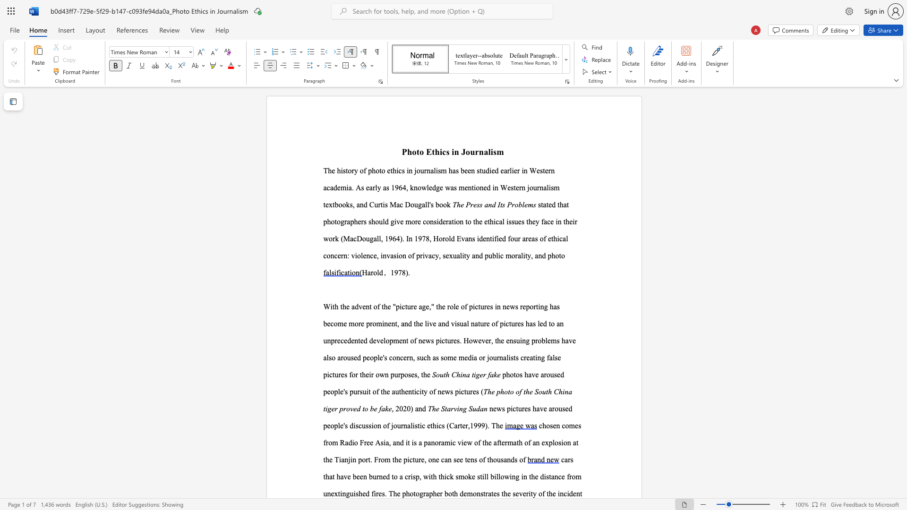  I want to click on the subset text "c eth" within the text "news pictures have aroused people", so click(421, 425).